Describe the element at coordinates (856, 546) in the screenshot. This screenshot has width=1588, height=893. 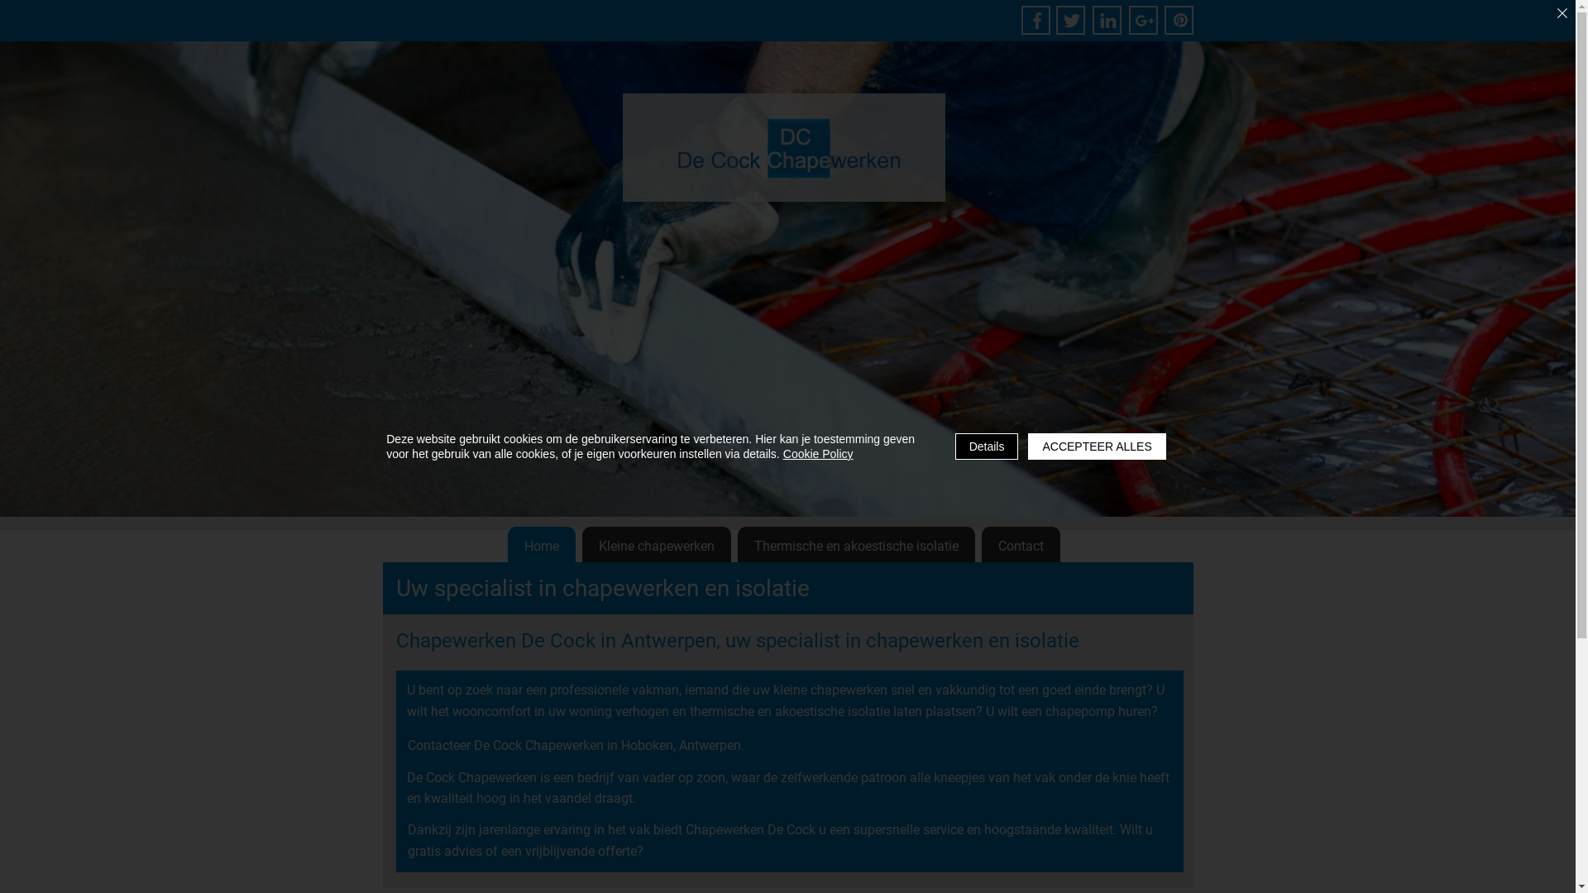
I see `'Thermische en akoestische isolatie'` at that location.